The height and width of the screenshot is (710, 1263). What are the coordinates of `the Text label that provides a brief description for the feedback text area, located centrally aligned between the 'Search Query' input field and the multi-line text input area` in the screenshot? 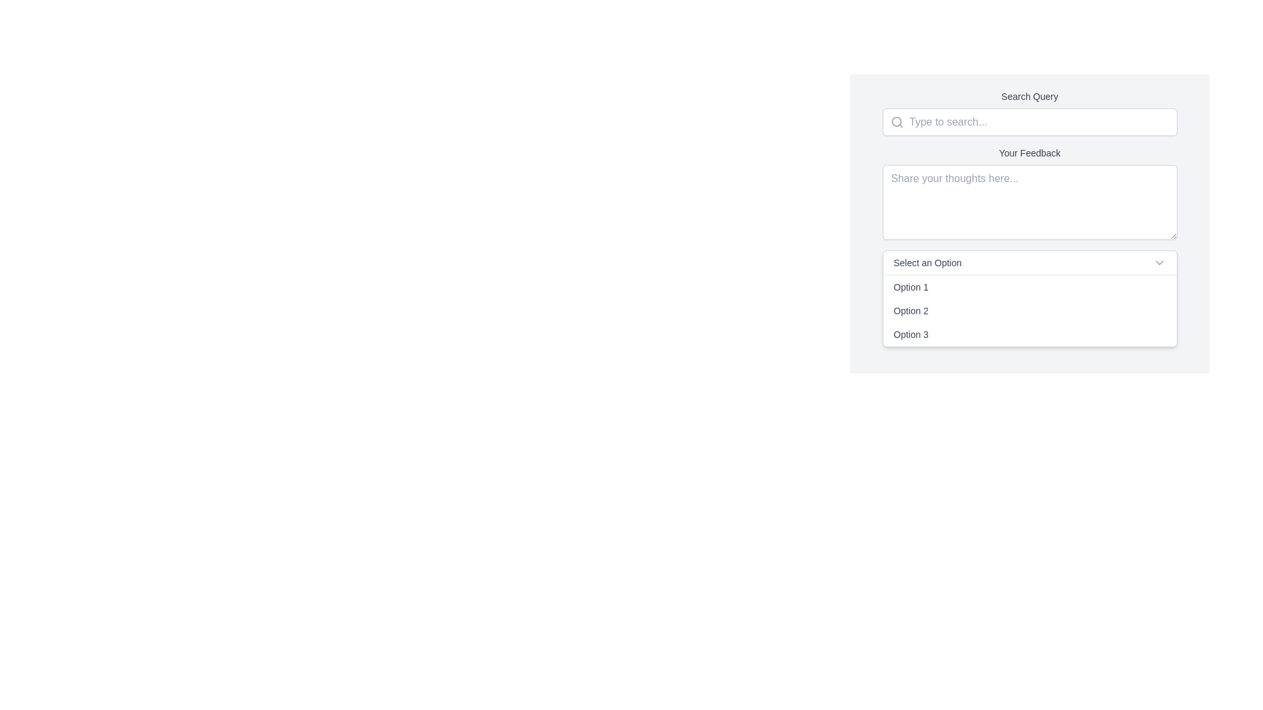 It's located at (1029, 152).